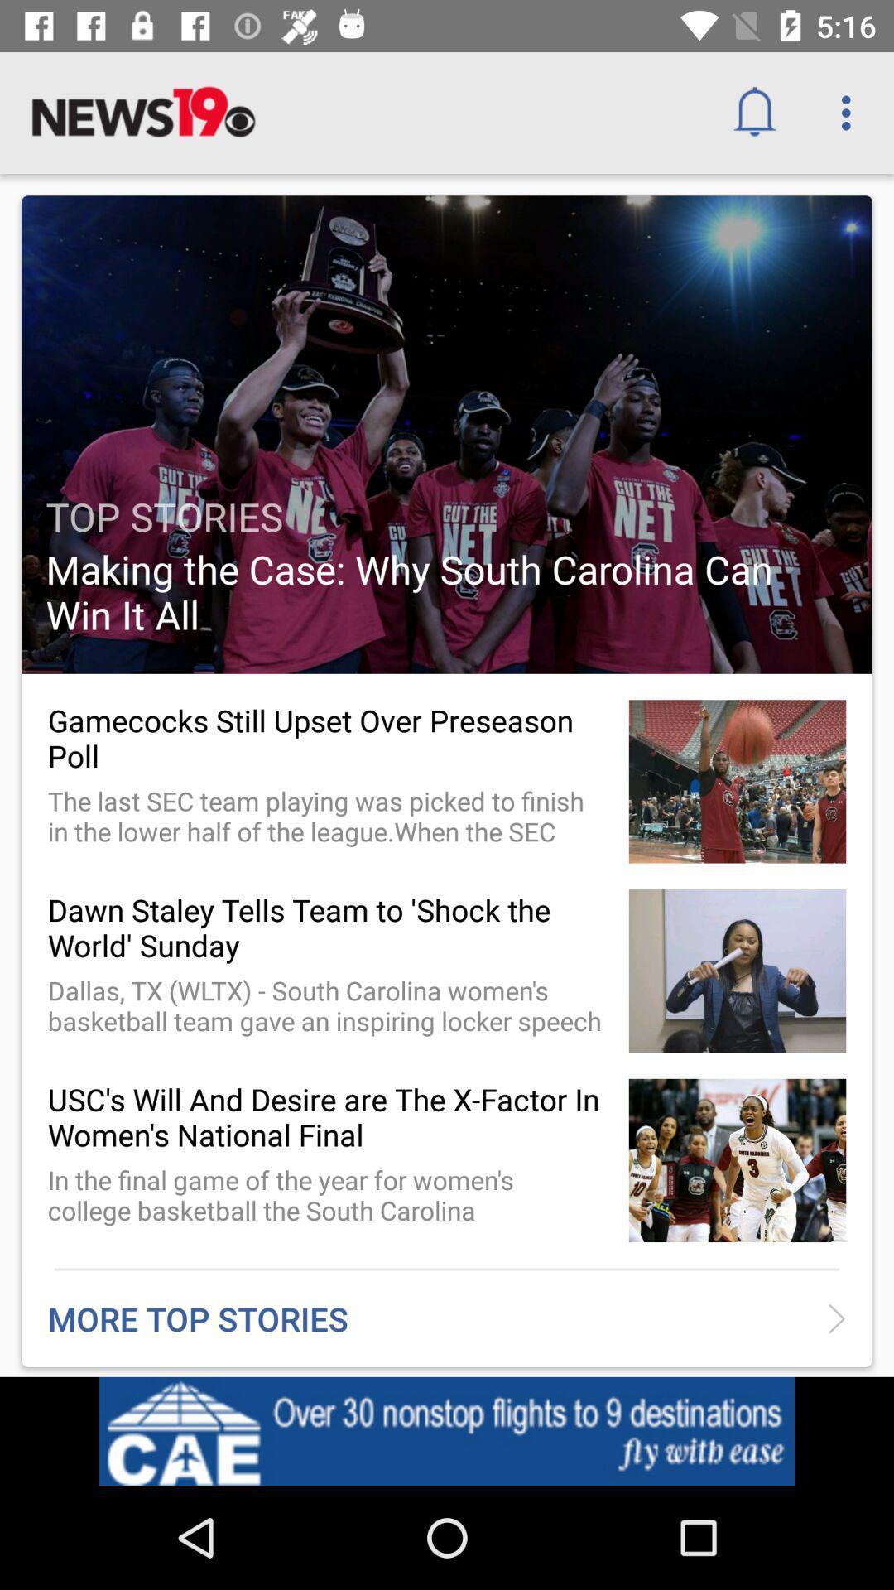 Image resolution: width=894 pixels, height=1590 pixels. What do you see at coordinates (447, 1430) in the screenshot?
I see `advertisement` at bounding box center [447, 1430].